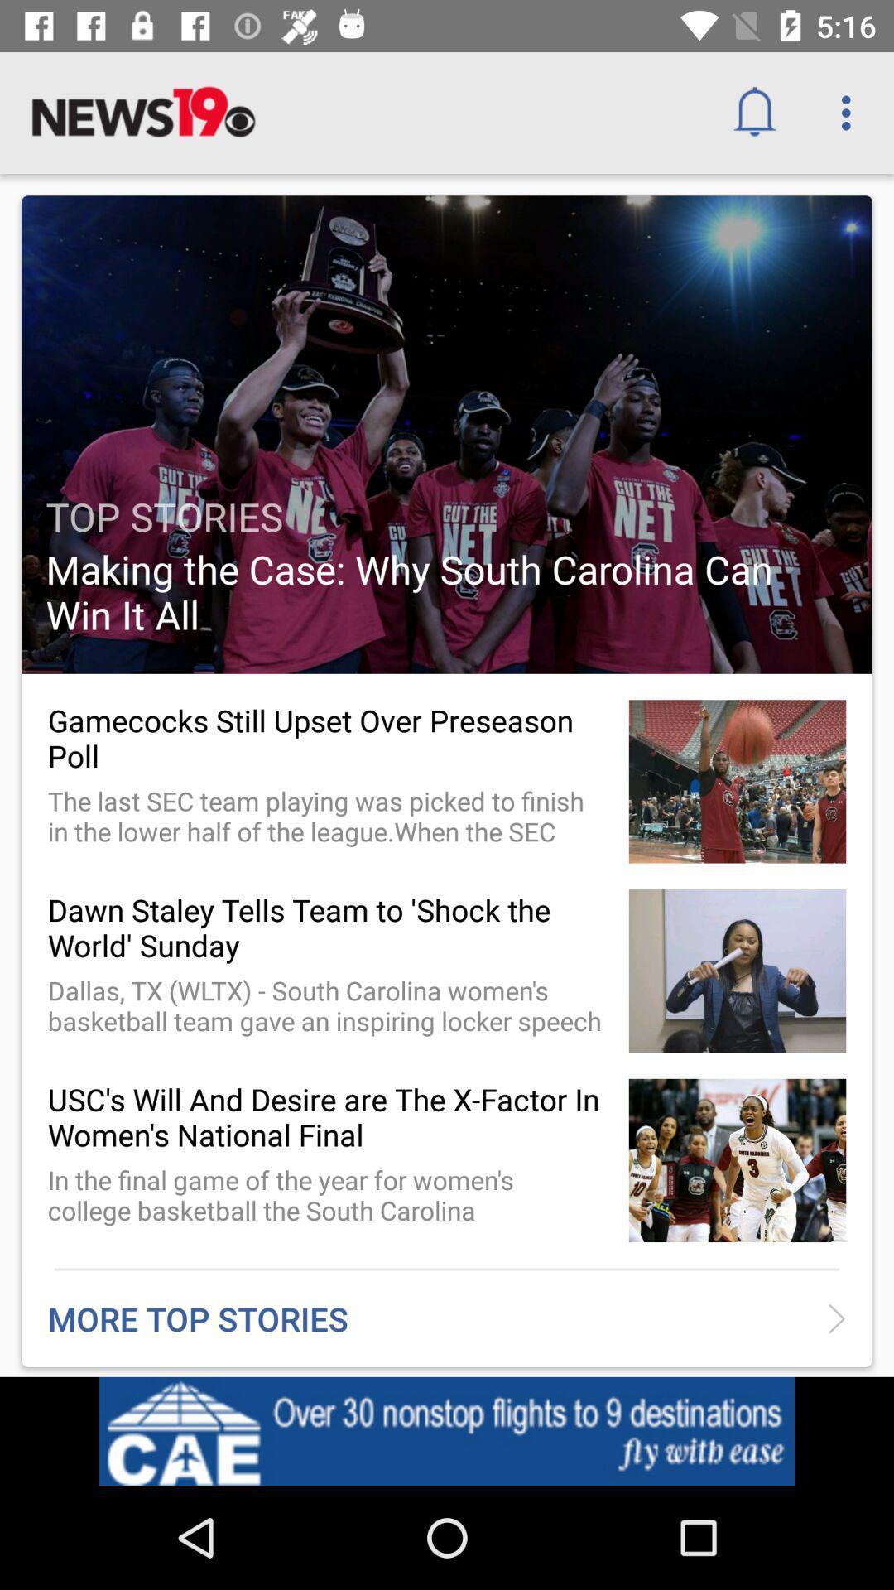 Image resolution: width=894 pixels, height=1590 pixels. What do you see at coordinates (447, 1430) in the screenshot?
I see `advertisement` at bounding box center [447, 1430].